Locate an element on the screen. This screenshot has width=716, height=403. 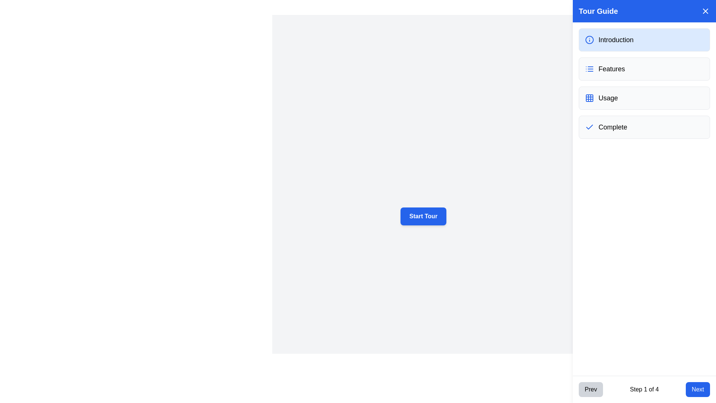
the small blue icon resembling a list, which consists of three horizontal lines, located in the 'Features' section of the right side panel labeled 'Tour Guide', preceding the text label 'Features' is located at coordinates (589, 69).